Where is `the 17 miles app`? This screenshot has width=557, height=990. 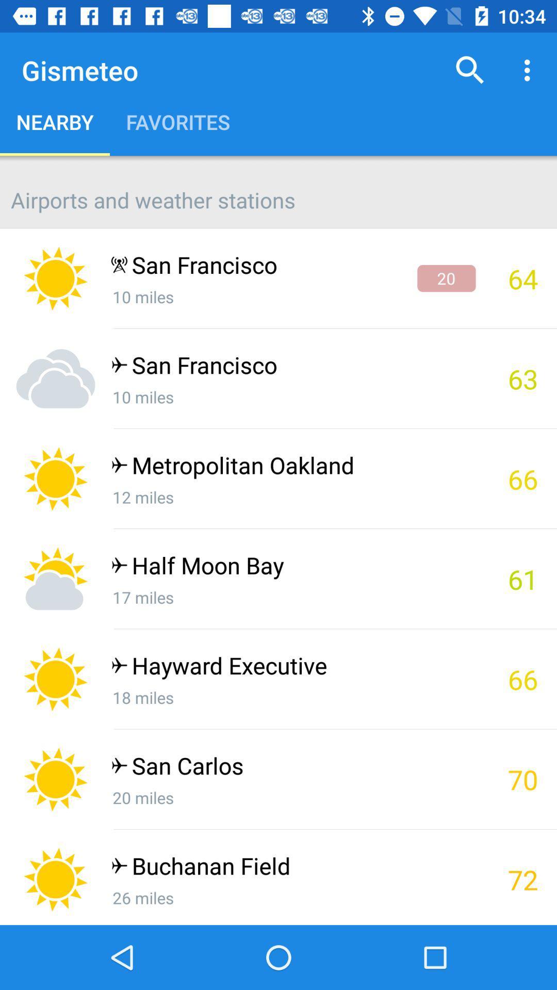 the 17 miles app is located at coordinates (293, 597).